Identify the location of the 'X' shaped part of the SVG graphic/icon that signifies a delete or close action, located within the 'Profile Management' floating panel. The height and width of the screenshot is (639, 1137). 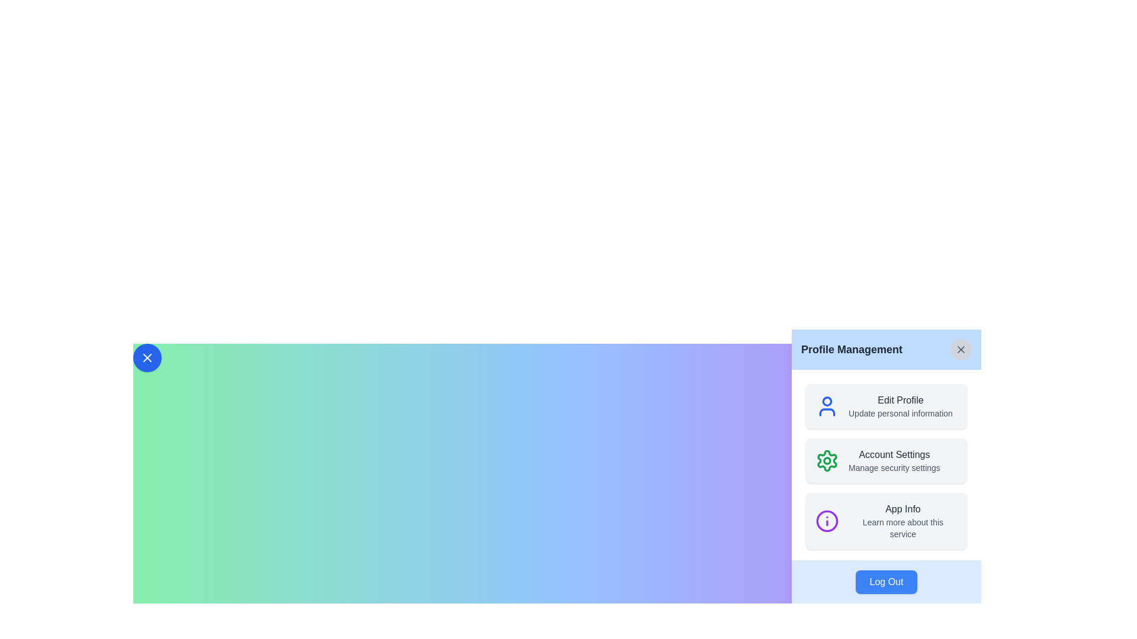
(147, 357).